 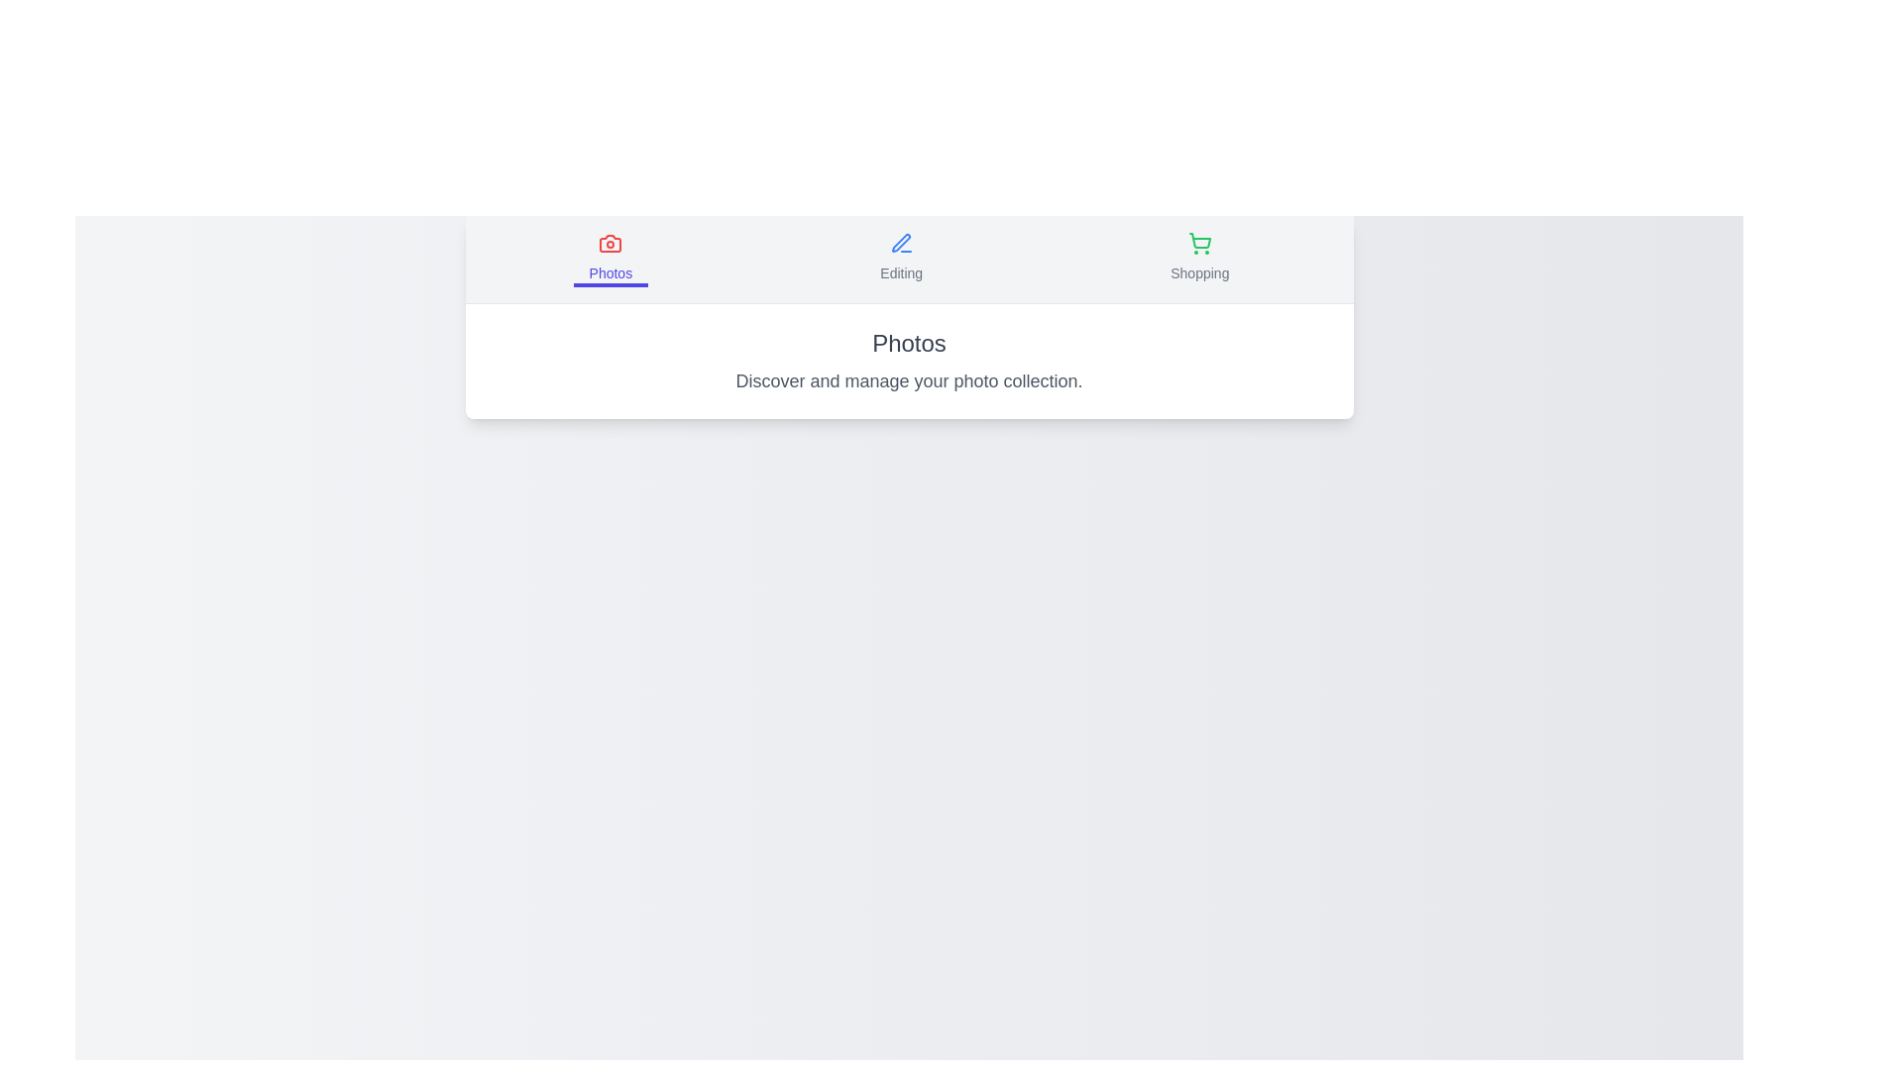 What do you see at coordinates (900, 259) in the screenshot?
I see `the Editing tab by clicking on its button` at bounding box center [900, 259].